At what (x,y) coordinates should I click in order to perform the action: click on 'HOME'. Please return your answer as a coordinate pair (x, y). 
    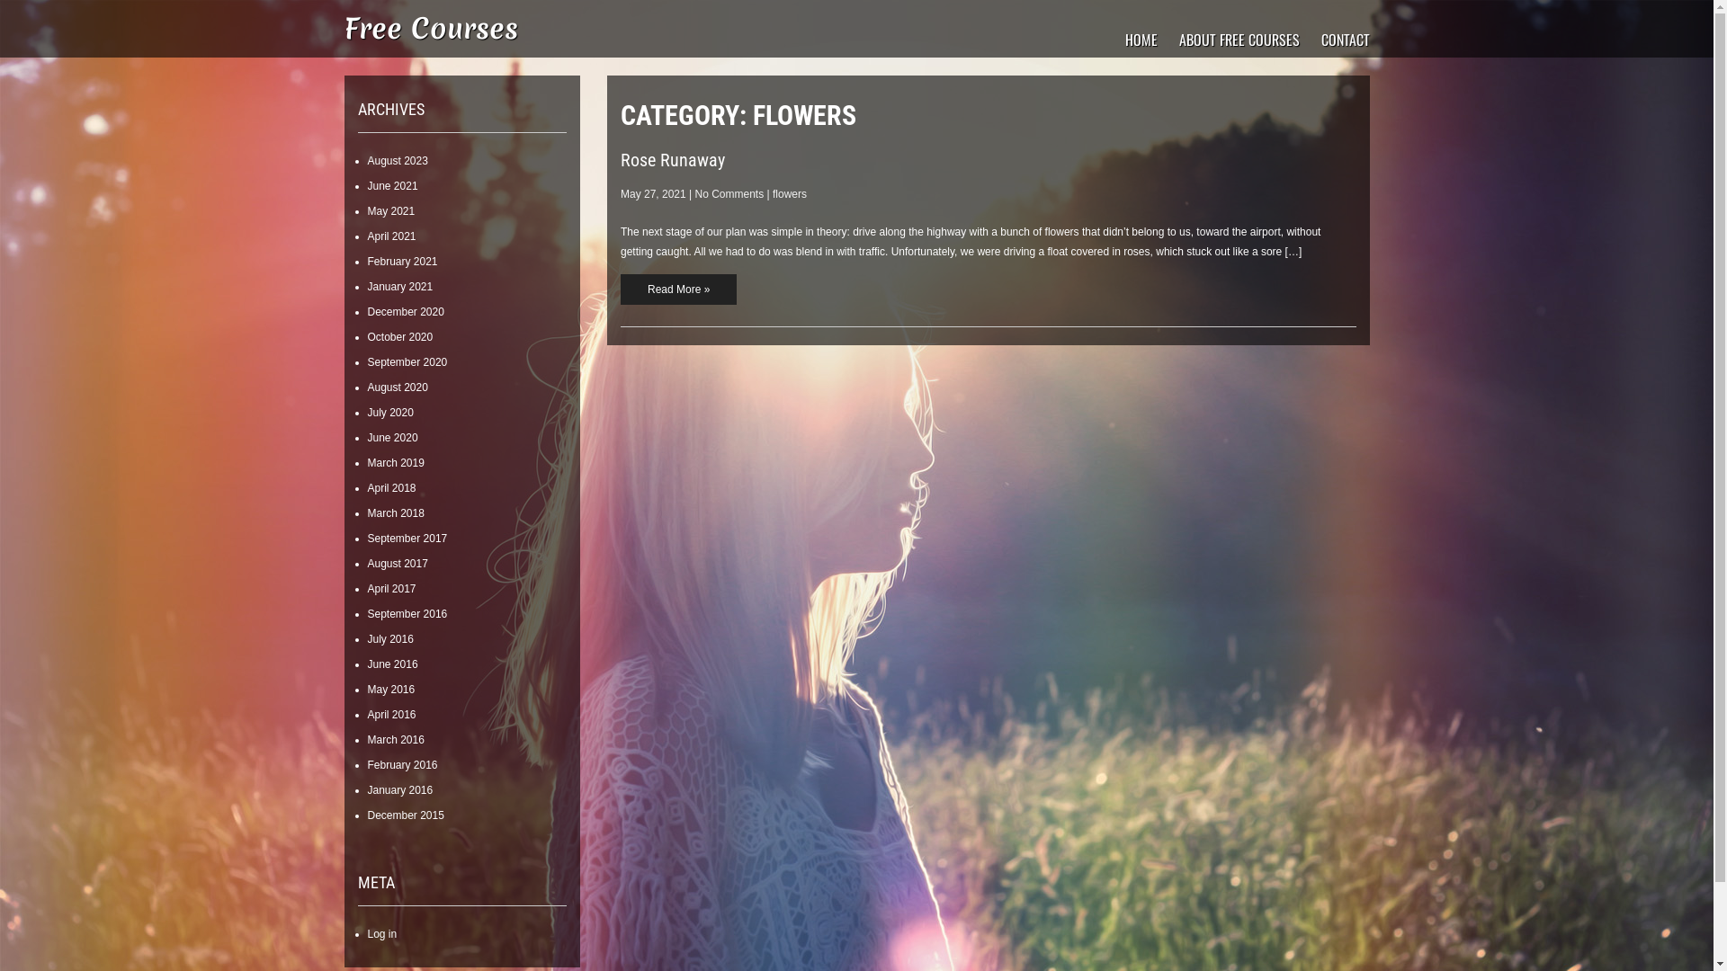
    Looking at the image, I should click on (1139, 39).